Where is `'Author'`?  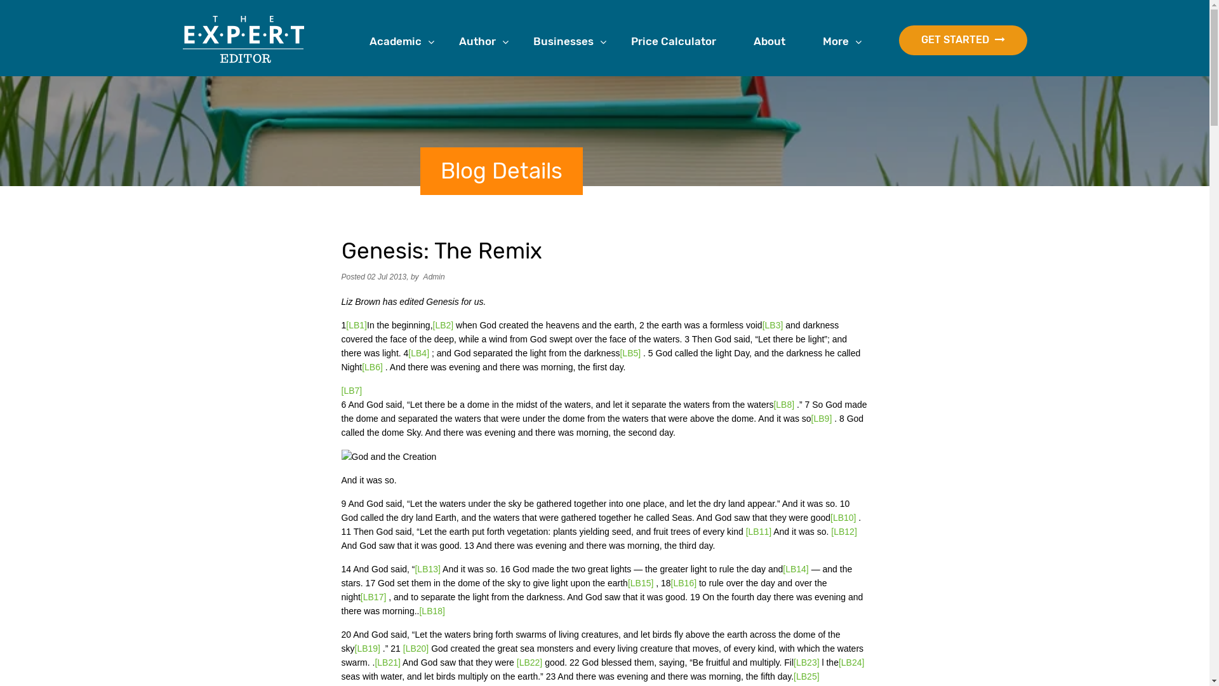
'Author' is located at coordinates (481, 41).